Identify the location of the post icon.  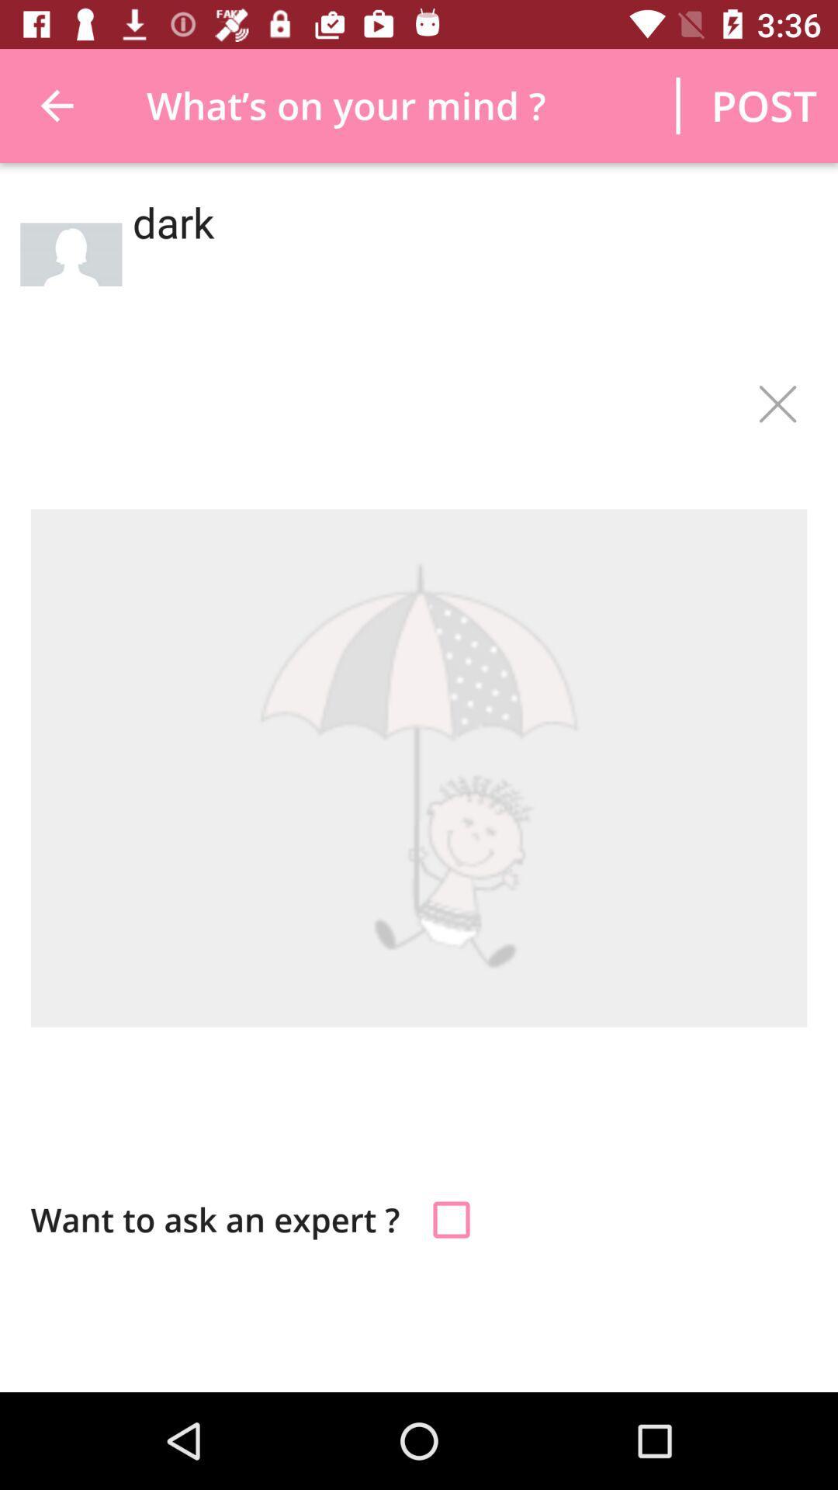
(763, 105).